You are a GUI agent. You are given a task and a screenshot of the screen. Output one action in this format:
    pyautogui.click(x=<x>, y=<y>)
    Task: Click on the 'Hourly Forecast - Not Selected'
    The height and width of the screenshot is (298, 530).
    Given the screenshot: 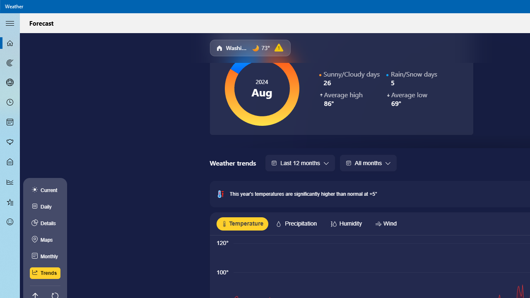 What is the action you would take?
    pyautogui.click(x=10, y=102)
    